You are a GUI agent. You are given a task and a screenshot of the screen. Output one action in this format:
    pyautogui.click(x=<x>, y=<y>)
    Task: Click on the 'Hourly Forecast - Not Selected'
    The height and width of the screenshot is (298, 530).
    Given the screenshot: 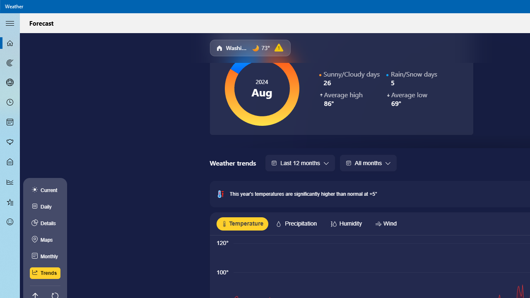 What is the action you would take?
    pyautogui.click(x=10, y=102)
    